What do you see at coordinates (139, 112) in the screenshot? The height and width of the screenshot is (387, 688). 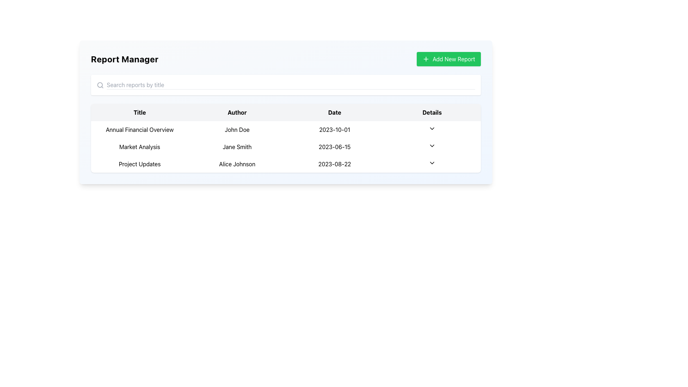 I see `the 'Title' Table Column Header, which is the first column in a table header row, displaying bold black text on a light gray background` at bounding box center [139, 112].